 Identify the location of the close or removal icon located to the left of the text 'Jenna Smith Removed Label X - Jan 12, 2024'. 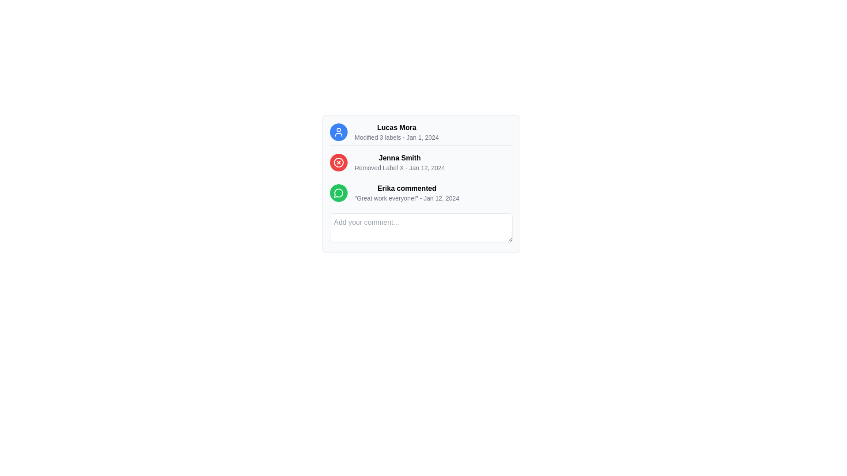
(338, 163).